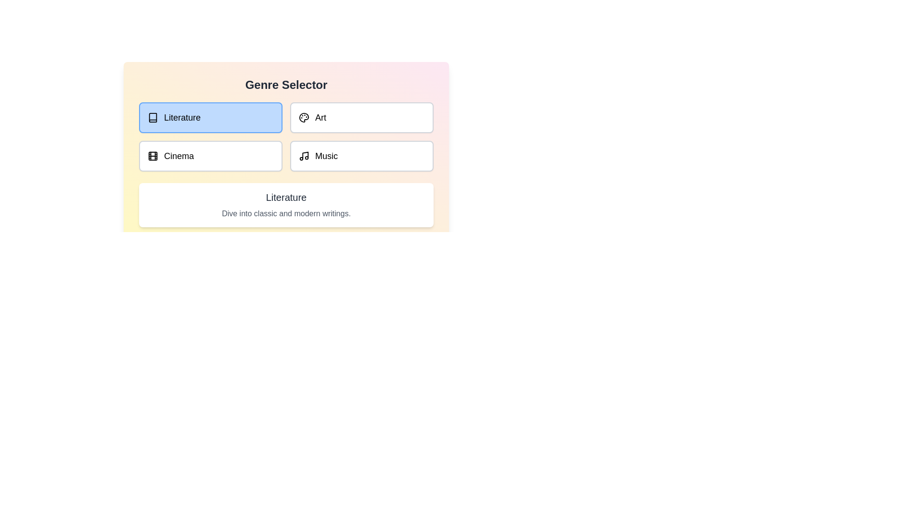 This screenshot has width=924, height=519. Describe the element at coordinates (286, 213) in the screenshot. I see `the text component displaying the phrase 'Dive into classic and modern writings.' located below the bold 'Literature' heading within the card` at that location.